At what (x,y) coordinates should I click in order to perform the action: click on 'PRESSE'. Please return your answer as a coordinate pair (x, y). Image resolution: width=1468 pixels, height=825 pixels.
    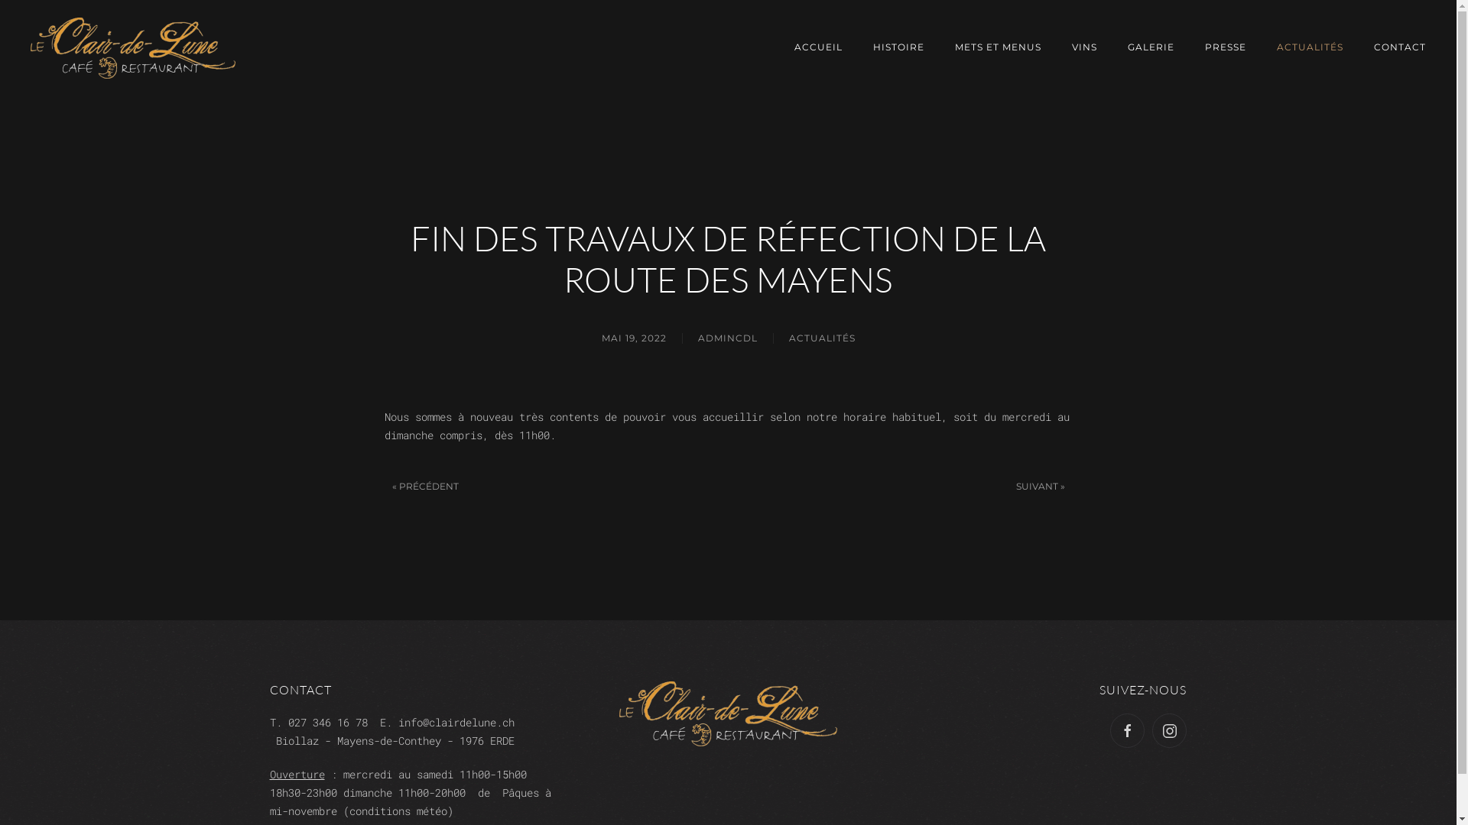
    Looking at the image, I should click on (1226, 47).